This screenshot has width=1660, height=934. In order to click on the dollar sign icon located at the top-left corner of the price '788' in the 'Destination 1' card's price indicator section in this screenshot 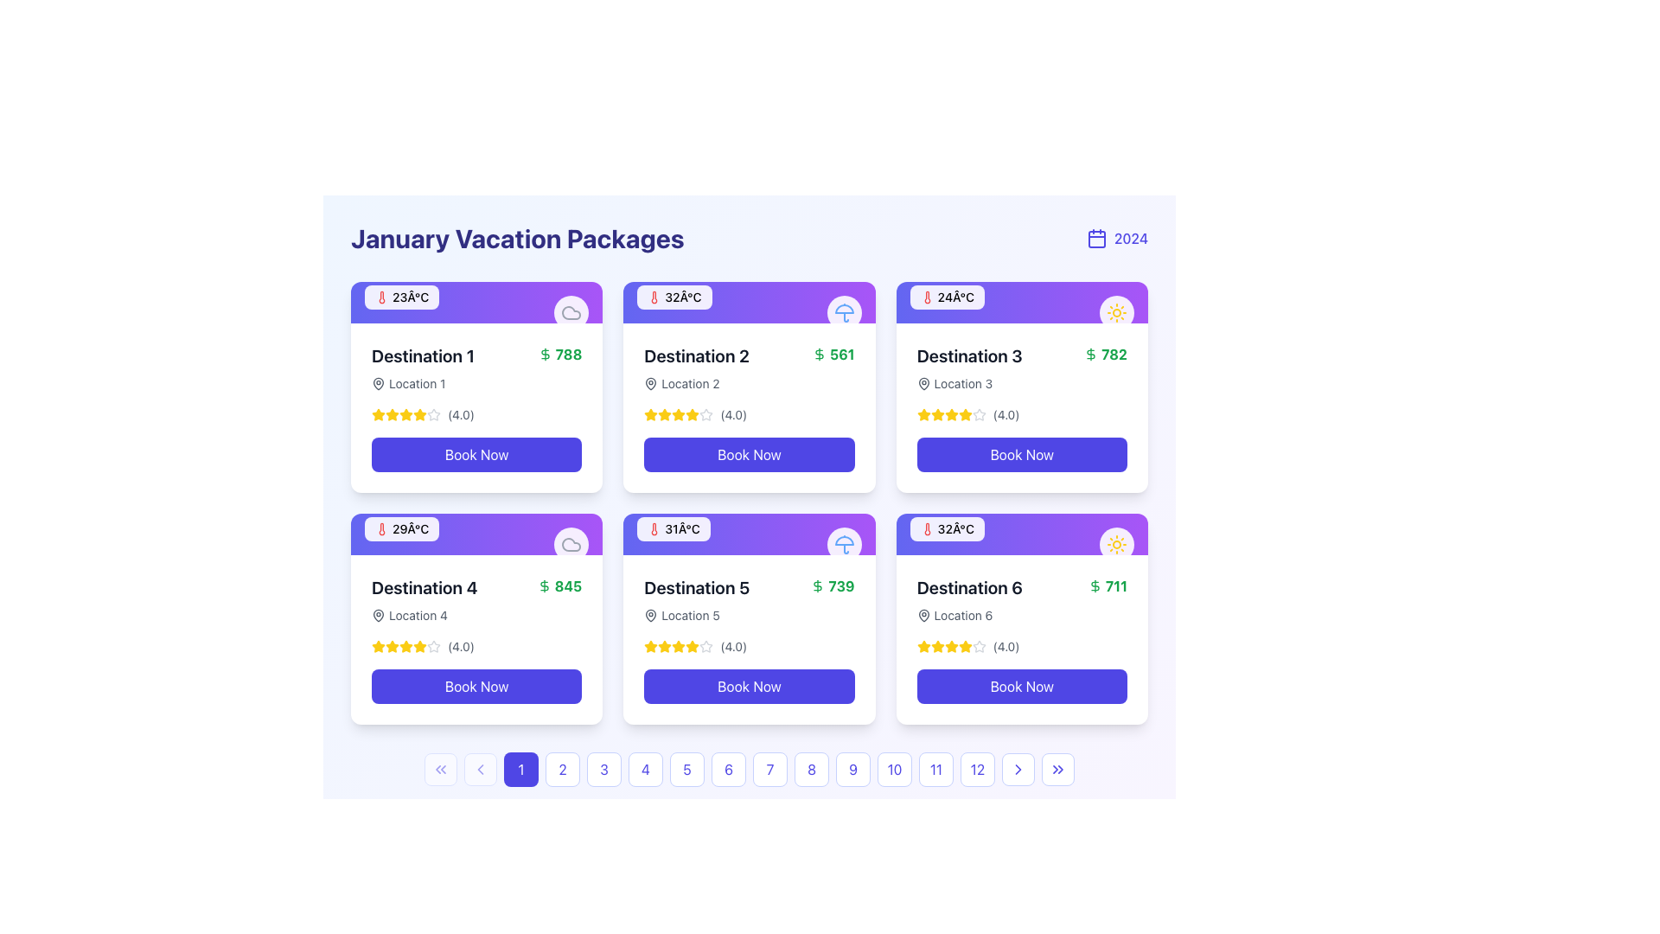, I will do `click(544, 353)`.